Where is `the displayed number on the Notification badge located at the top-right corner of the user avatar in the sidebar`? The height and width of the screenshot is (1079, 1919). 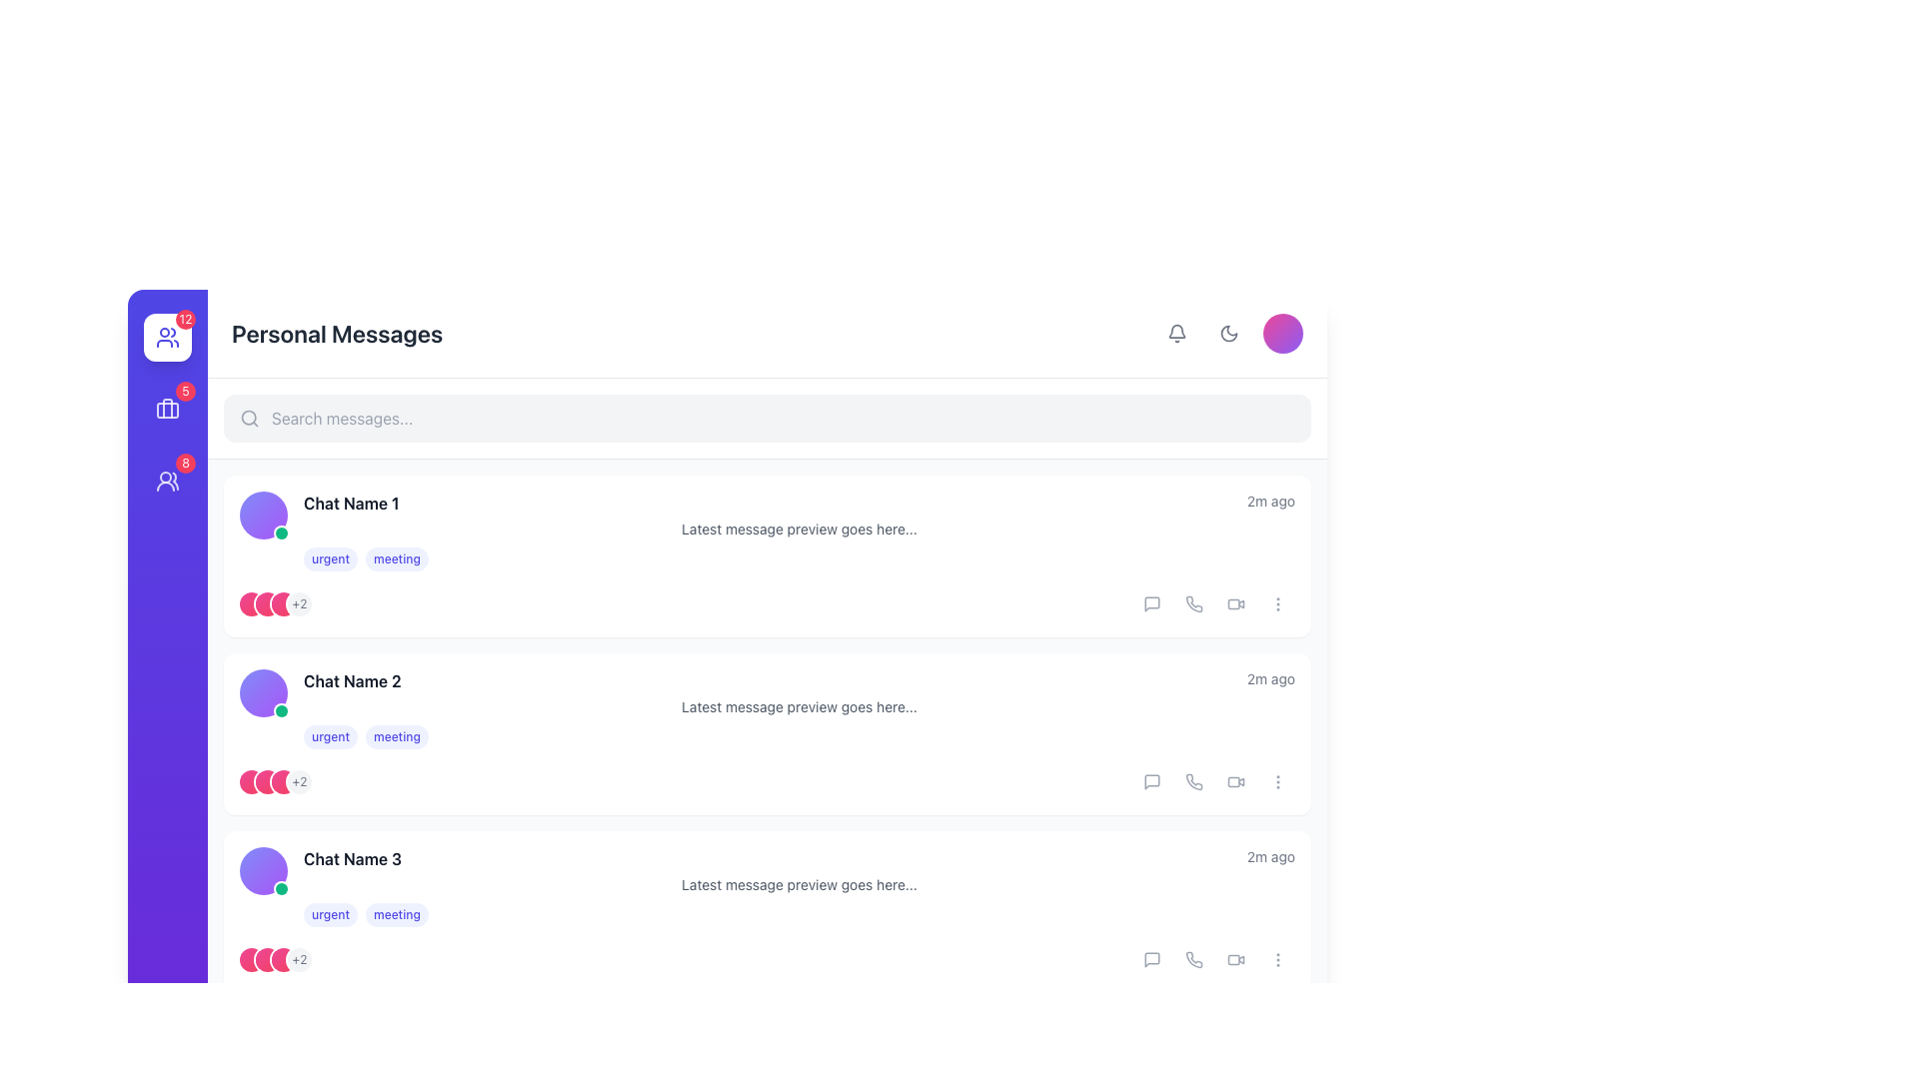 the displayed number on the Notification badge located at the top-right corner of the user avatar in the sidebar is located at coordinates (186, 319).